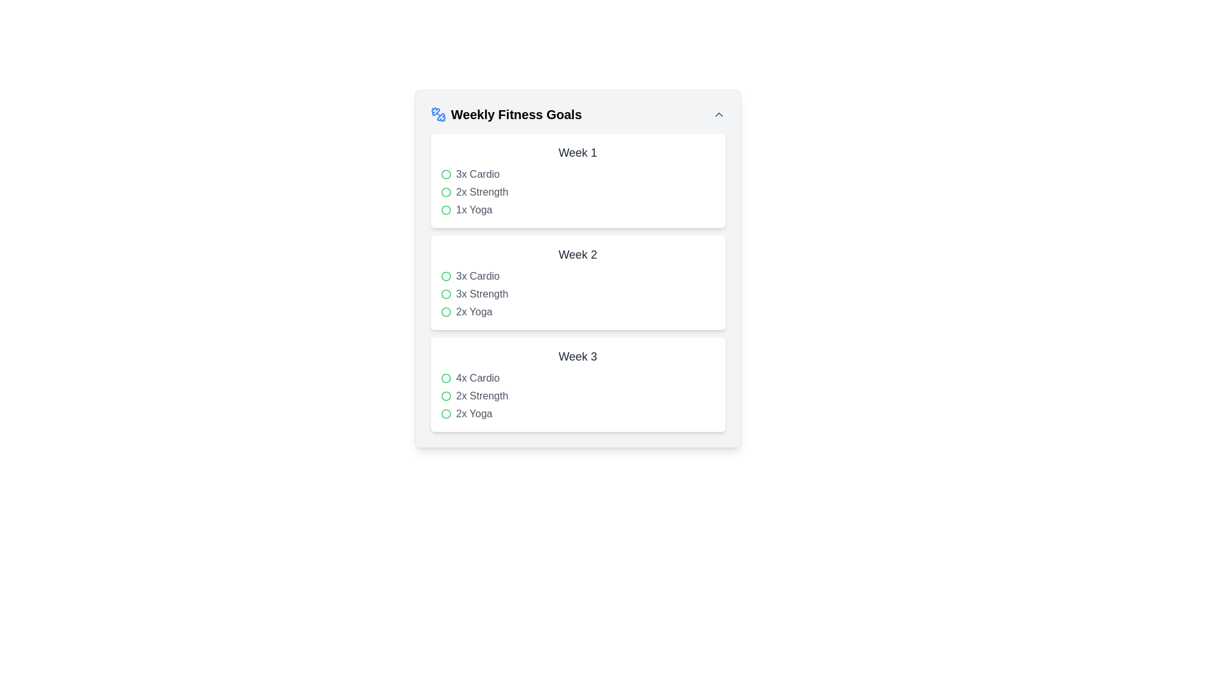  I want to click on the circular graphical icon with a green border representing an unselected state for the task '2x Yoga' in Week 3, so click(446, 414).